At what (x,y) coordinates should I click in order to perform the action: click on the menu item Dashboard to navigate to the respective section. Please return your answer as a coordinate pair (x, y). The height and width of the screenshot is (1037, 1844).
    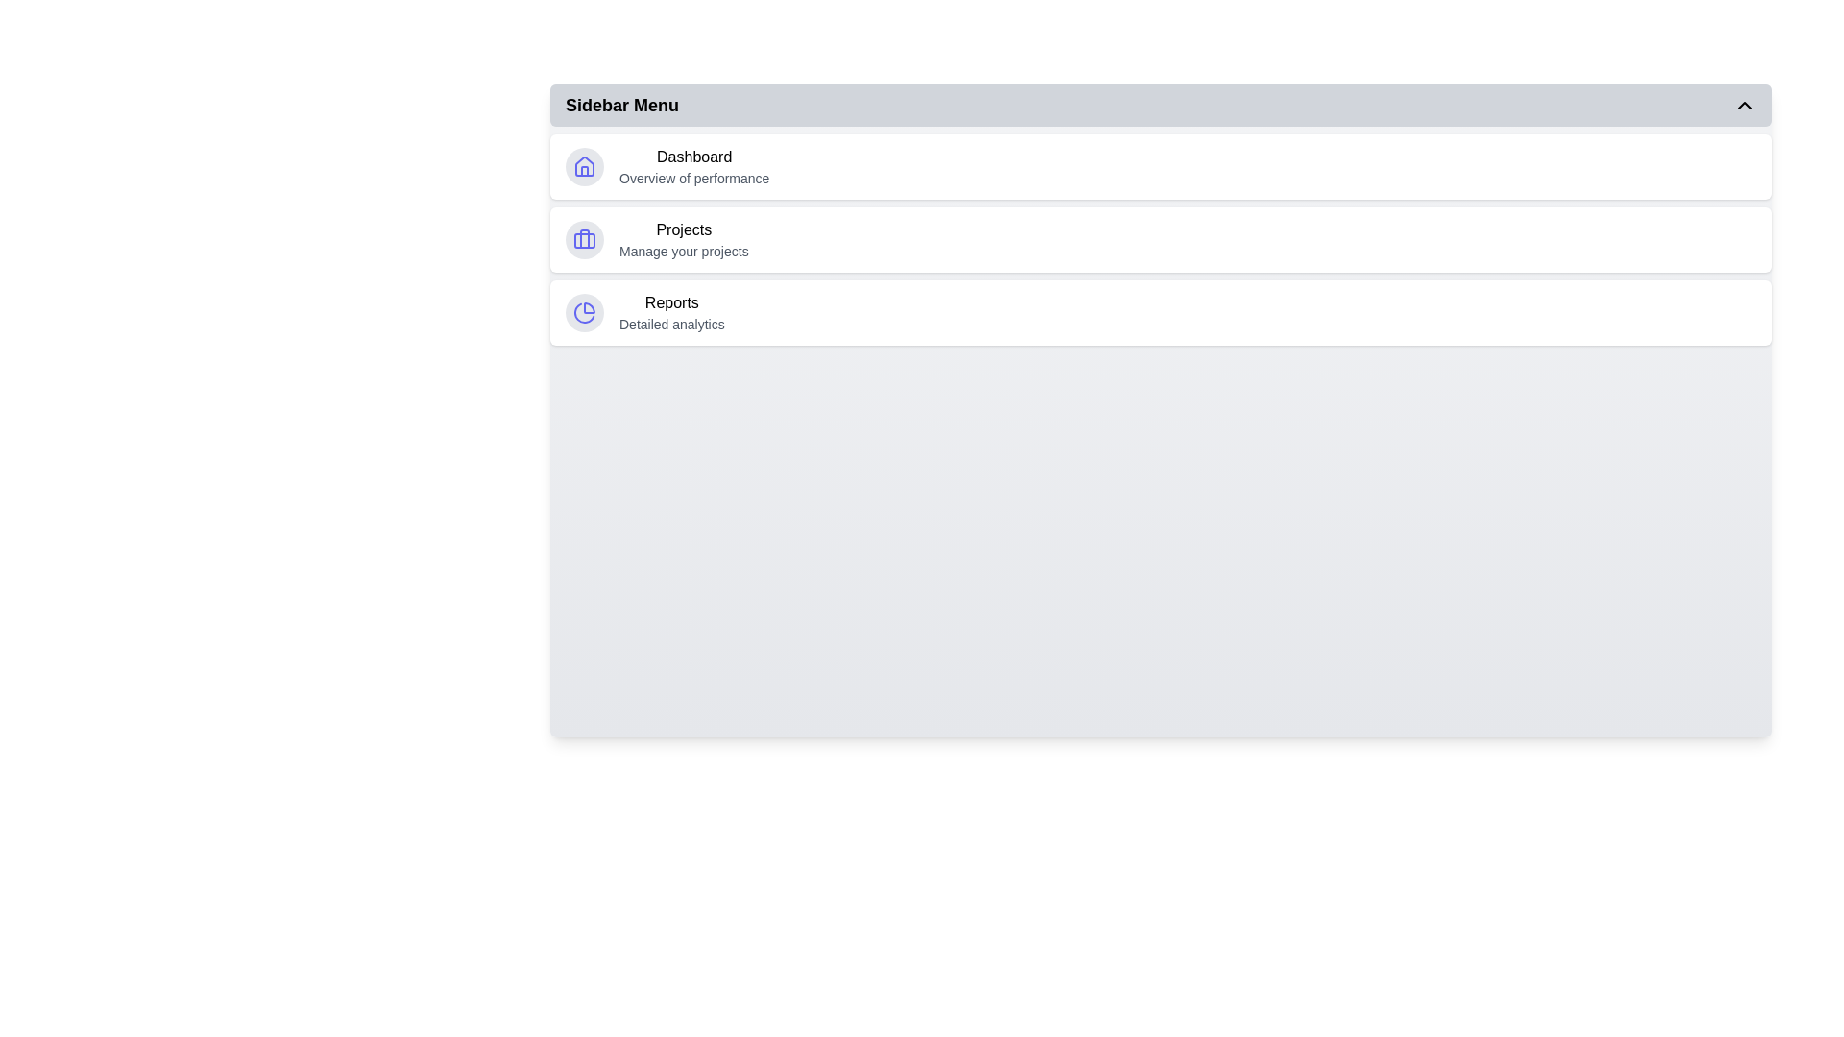
    Looking at the image, I should click on (1160, 165).